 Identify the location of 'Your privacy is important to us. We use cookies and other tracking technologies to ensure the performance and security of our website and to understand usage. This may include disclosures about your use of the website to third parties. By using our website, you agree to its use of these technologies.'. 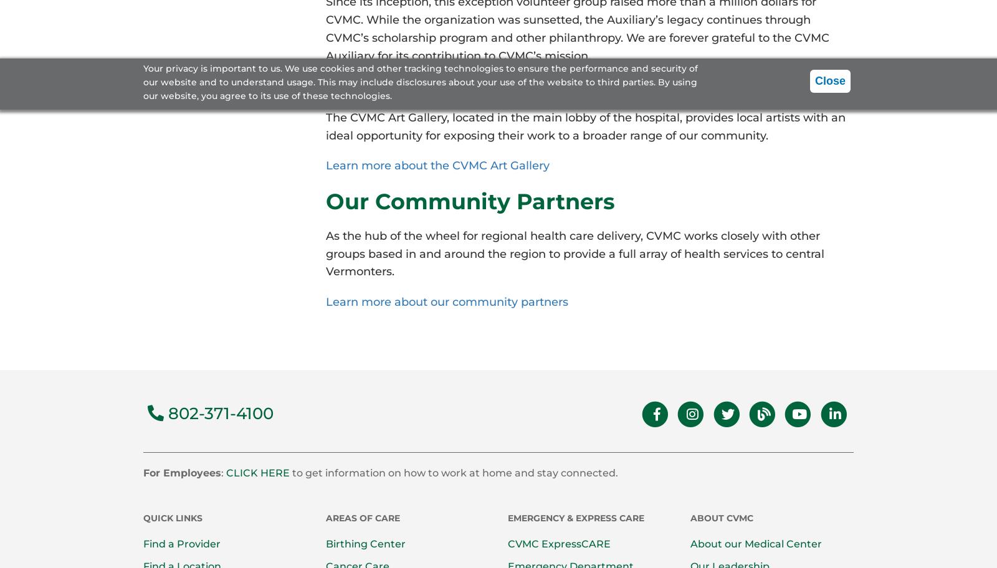
(143, 81).